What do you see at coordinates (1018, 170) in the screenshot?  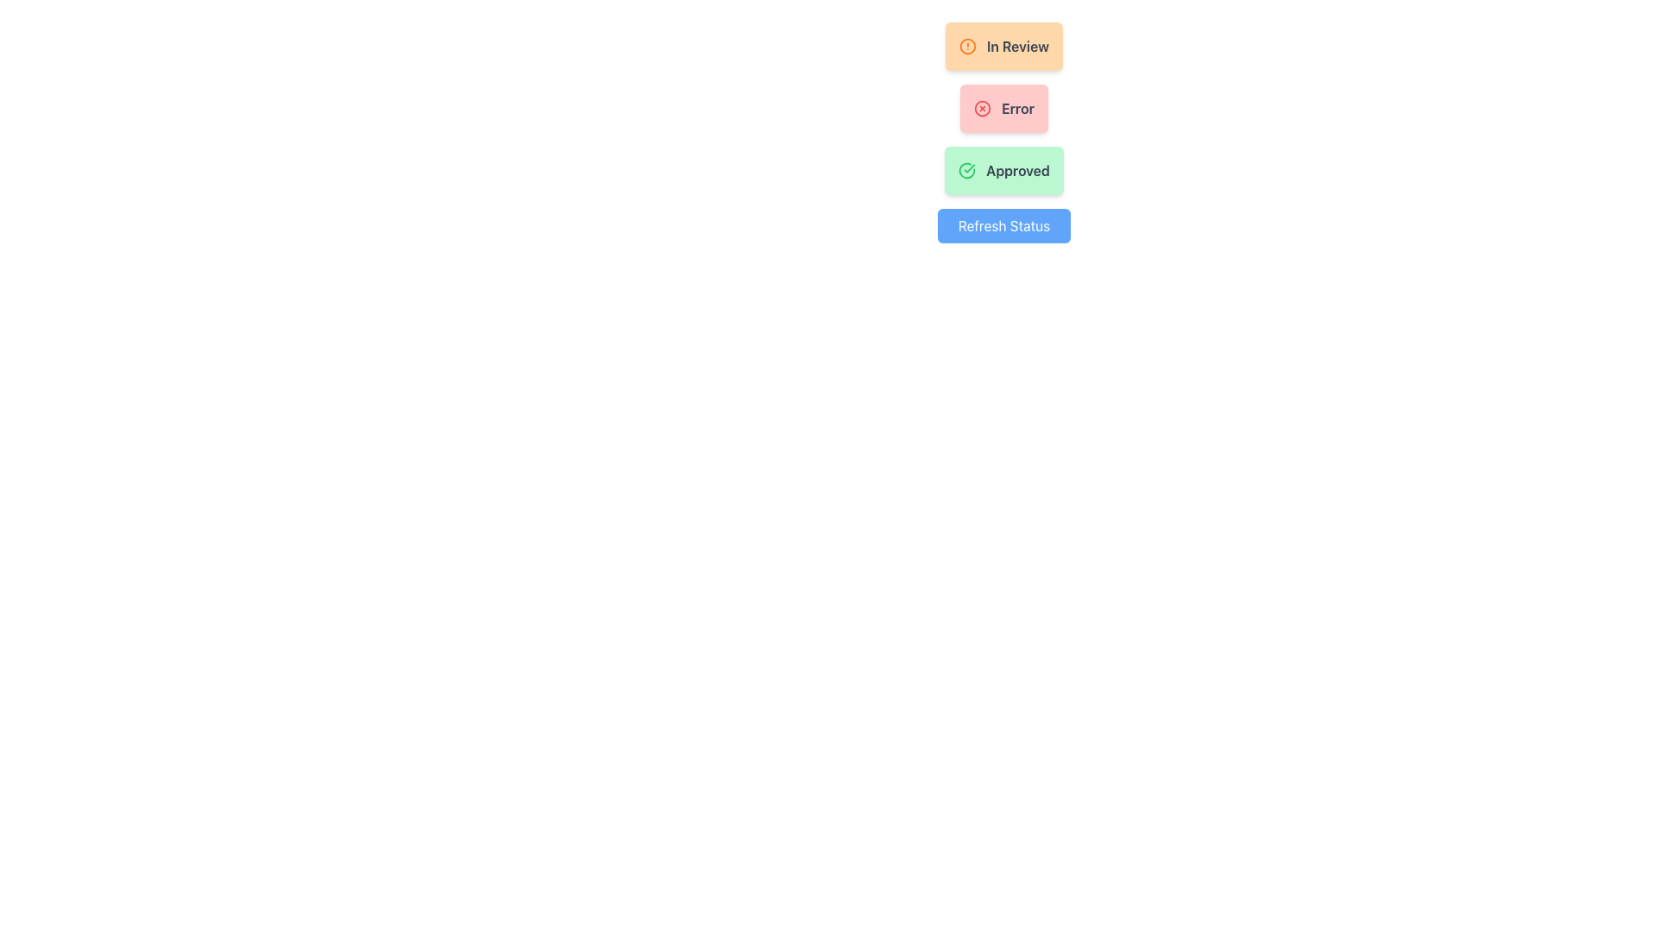 I see `the text label displaying 'Approved' in bold dark gray on a light green background, located within the status card` at bounding box center [1018, 170].